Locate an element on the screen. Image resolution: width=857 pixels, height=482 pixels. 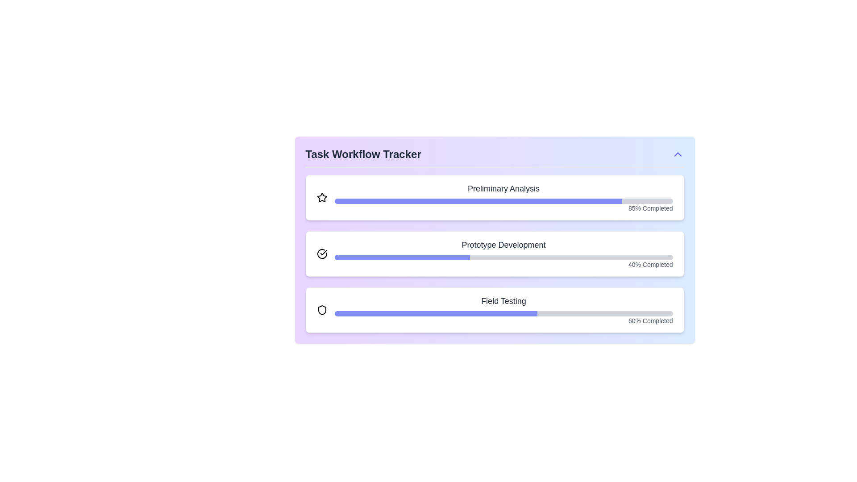
the shield-shaped icon outlined in black, which is positioned on the white rectangular card for 'Field Testing', located at the start of the third row, to the left of the progress bar is located at coordinates (321, 309).